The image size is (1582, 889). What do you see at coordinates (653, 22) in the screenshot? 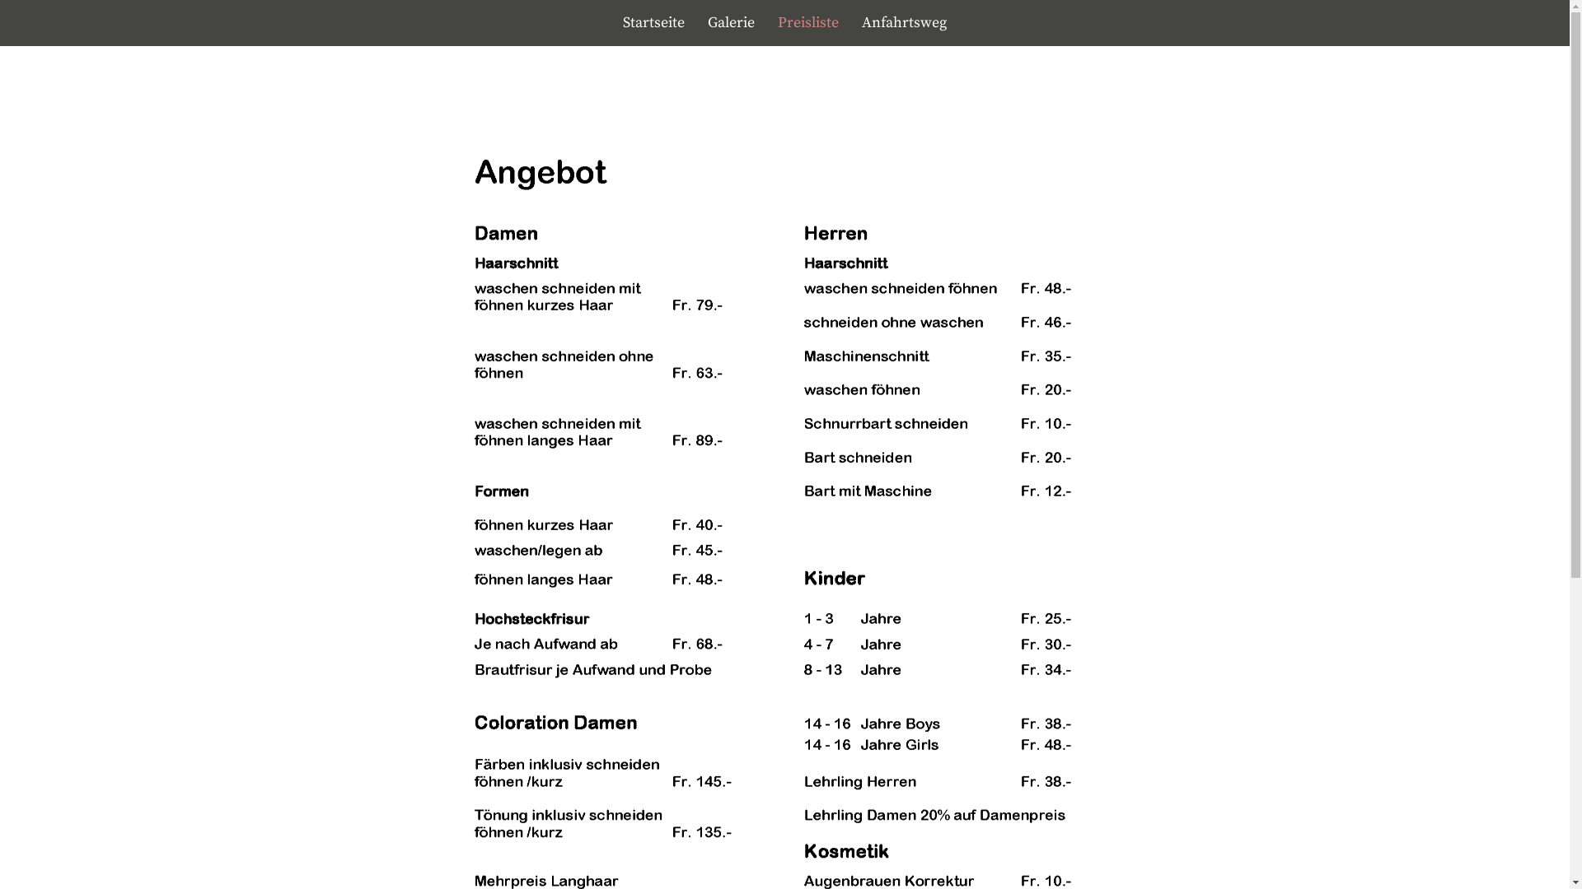
I see `'Startseite'` at bounding box center [653, 22].